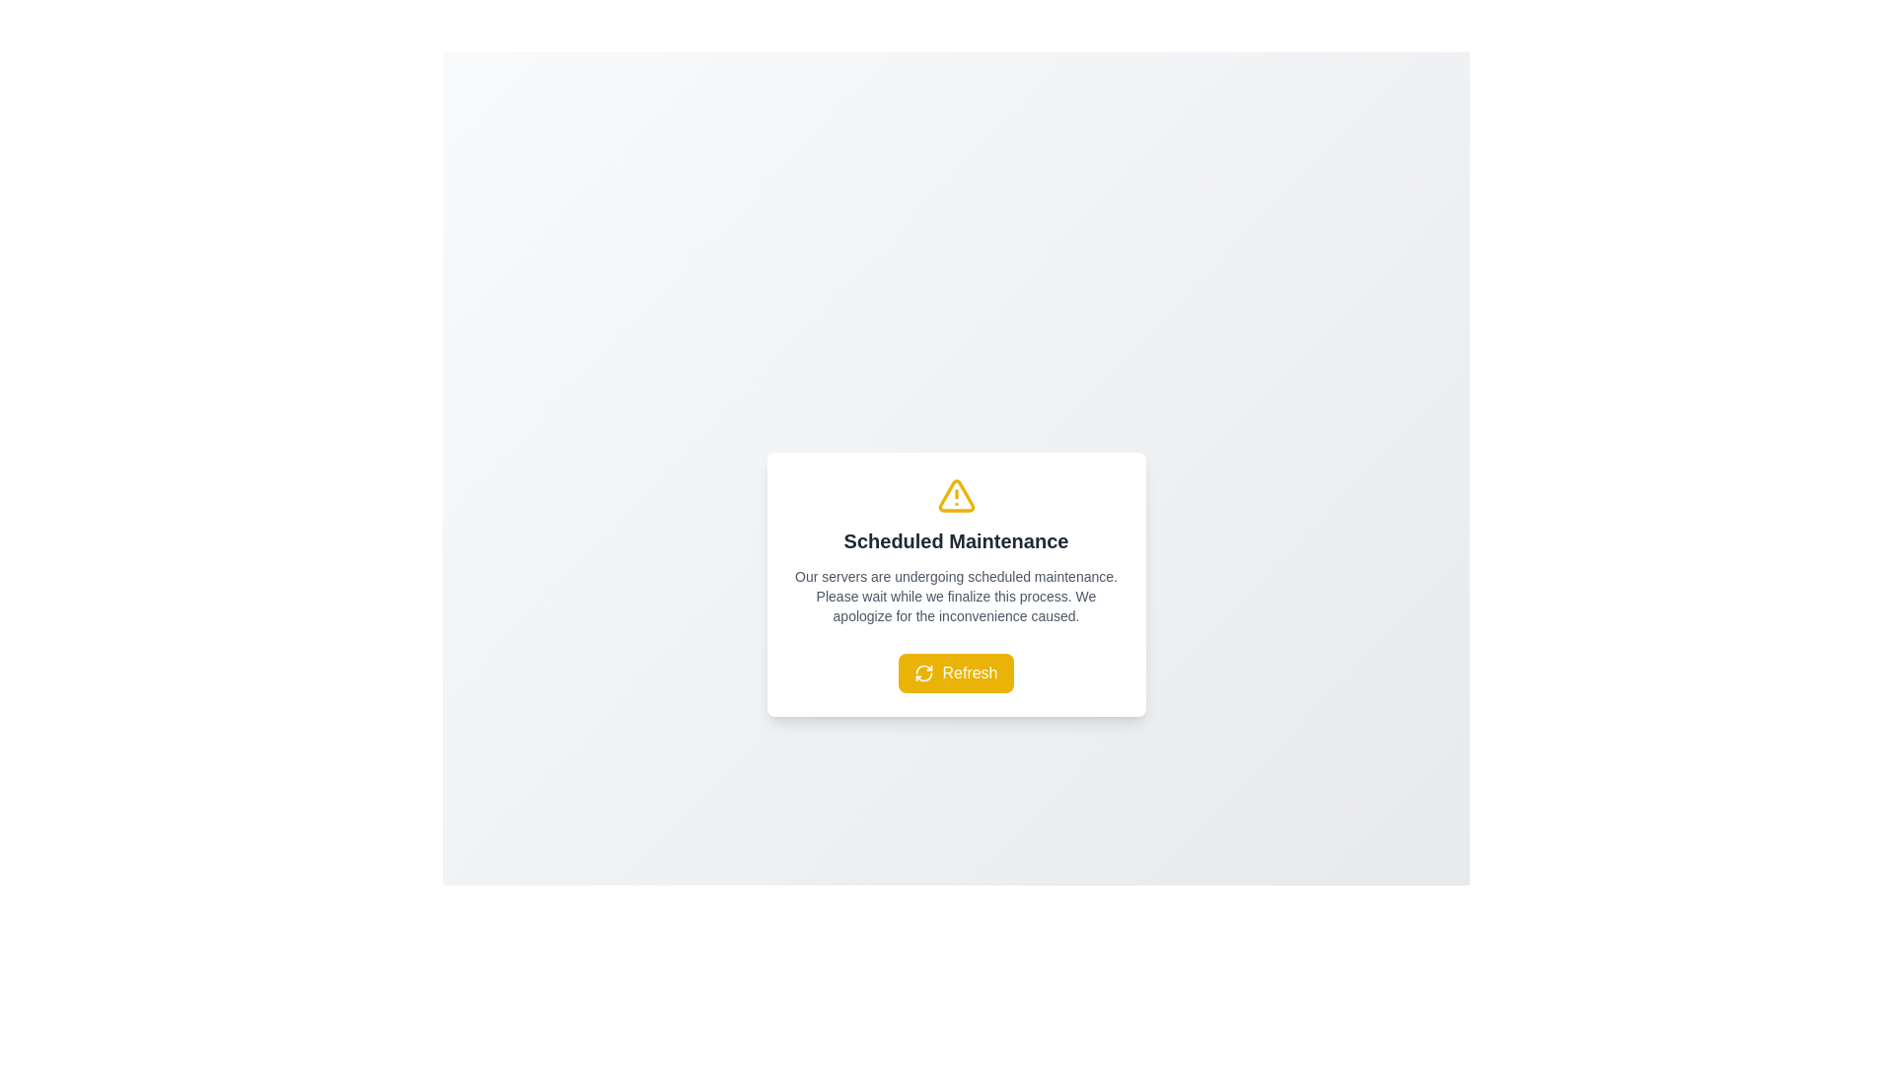 Image resolution: width=1894 pixels, height=1065 pixels. Describe the element at coordinates (923, 672) in the screenshot. I see `the 'Refresh' button that contains the circular arrows icon` at that location.